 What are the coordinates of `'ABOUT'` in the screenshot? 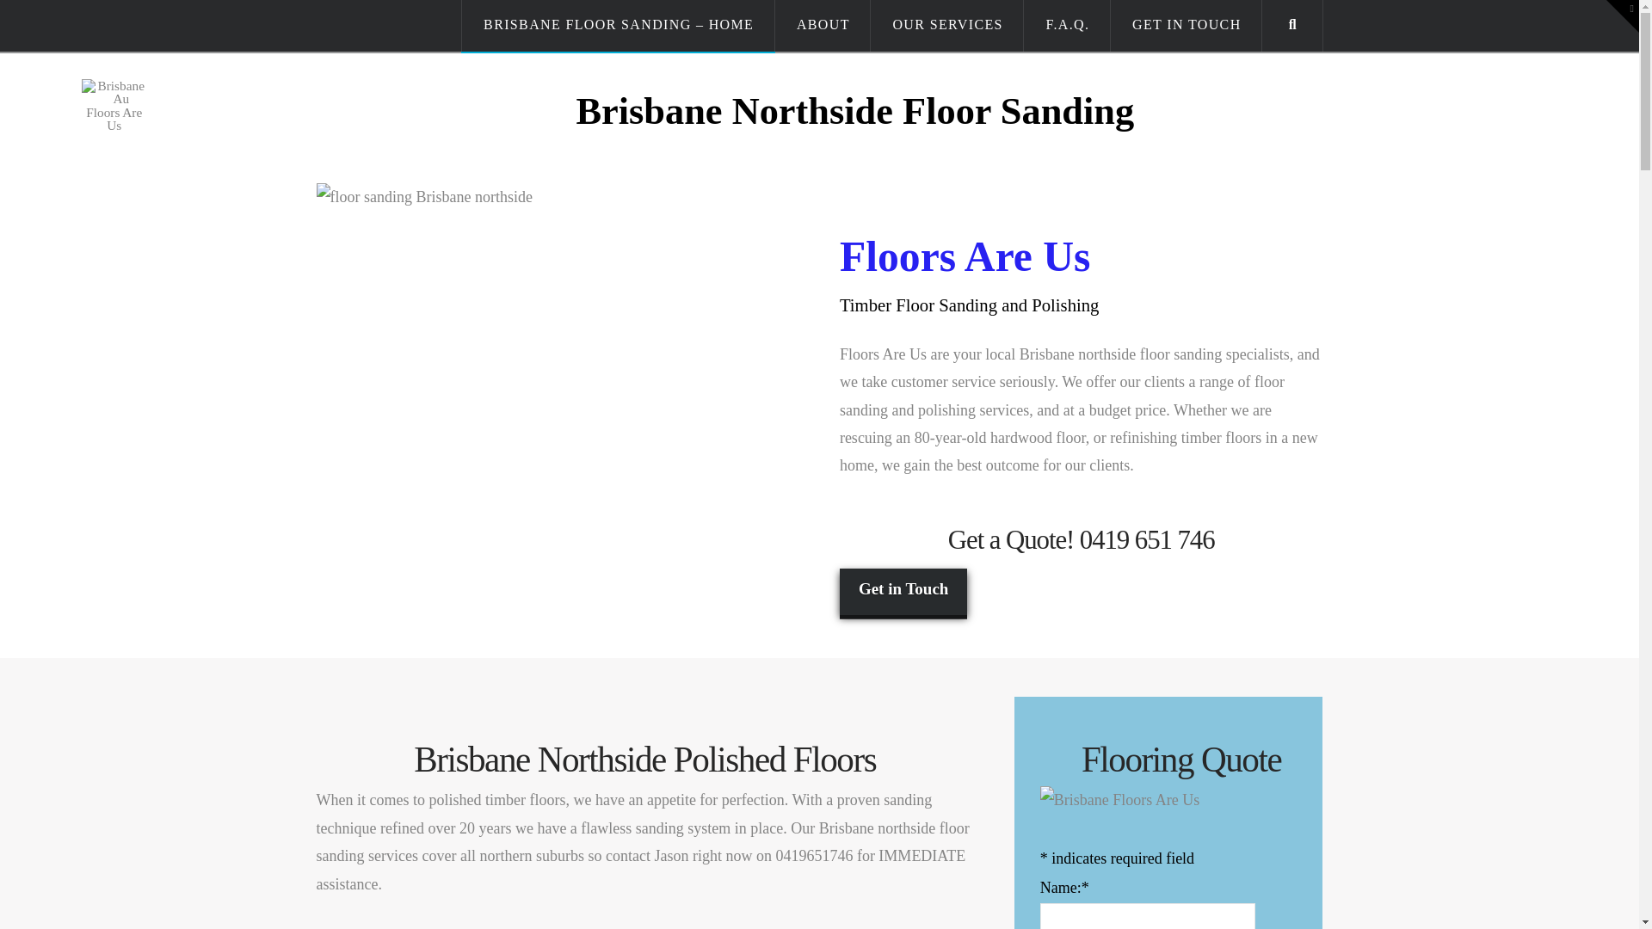 It's located at (822, 26).